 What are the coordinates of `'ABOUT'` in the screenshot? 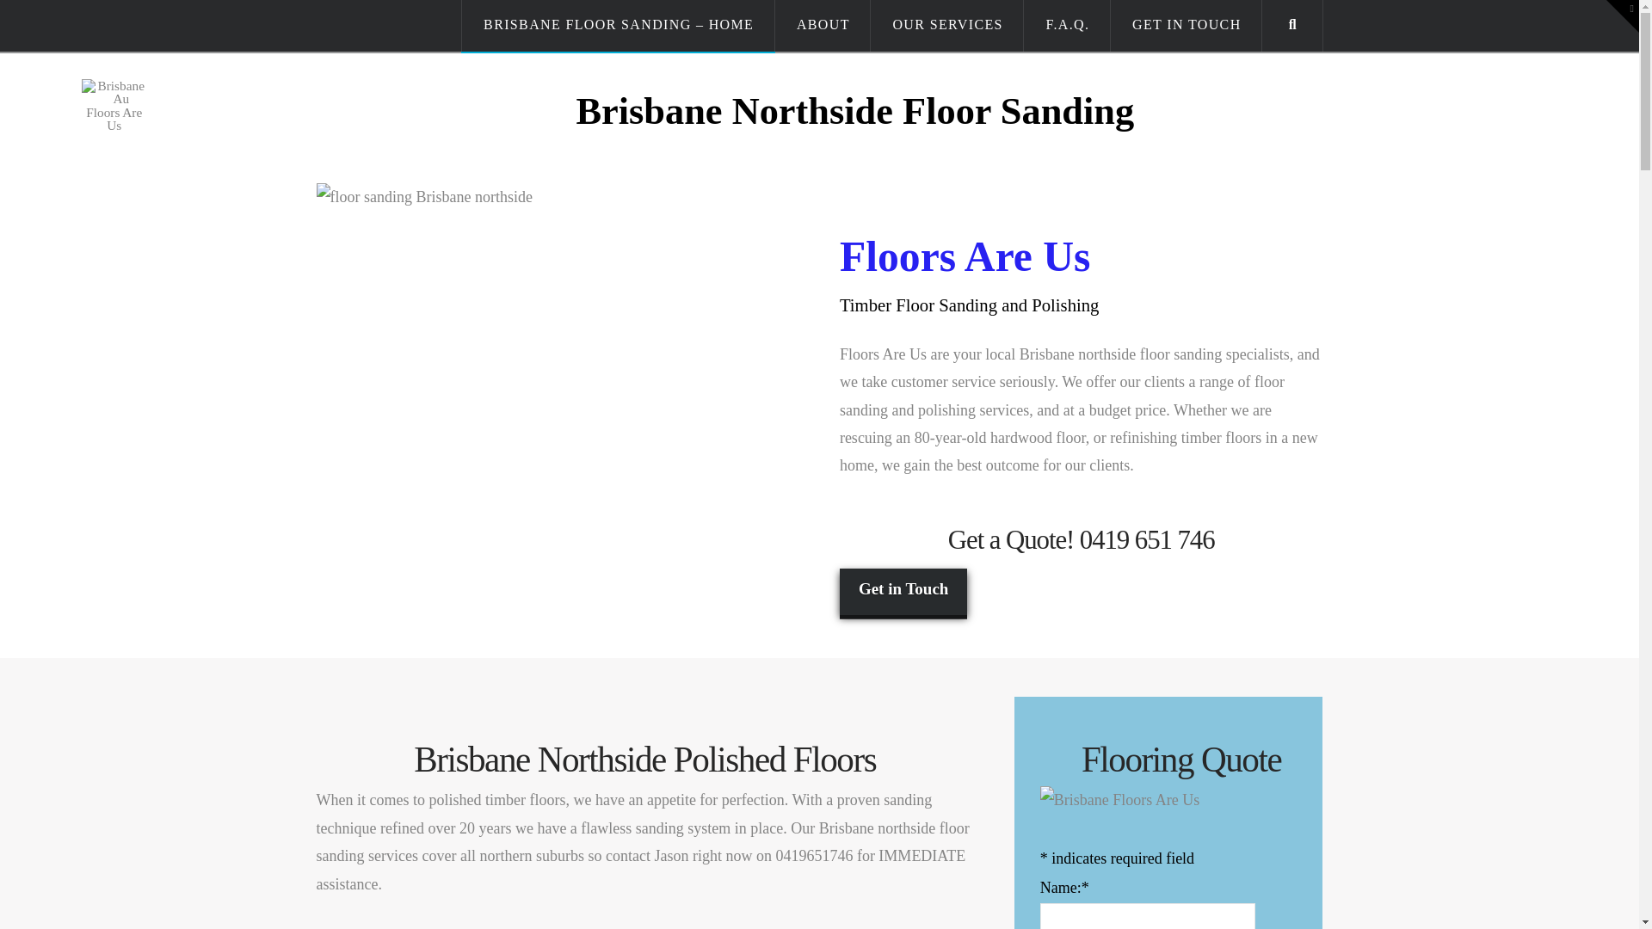 It's located at (822, 26).